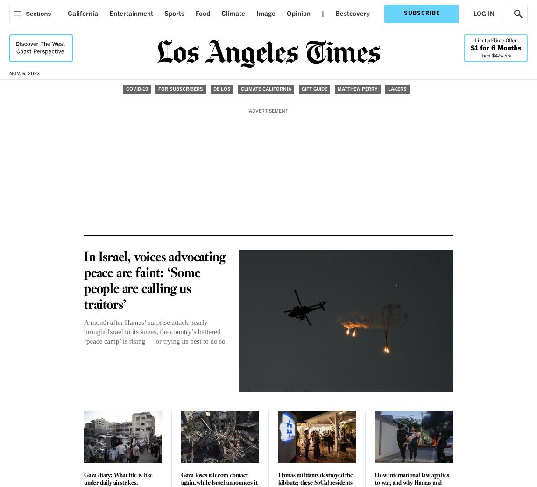 The image size is (537, 487). What do you see at coordinates (180, 88) in the screenshot?
I see `'For Subscribers'` at bounding box center [180, 88].